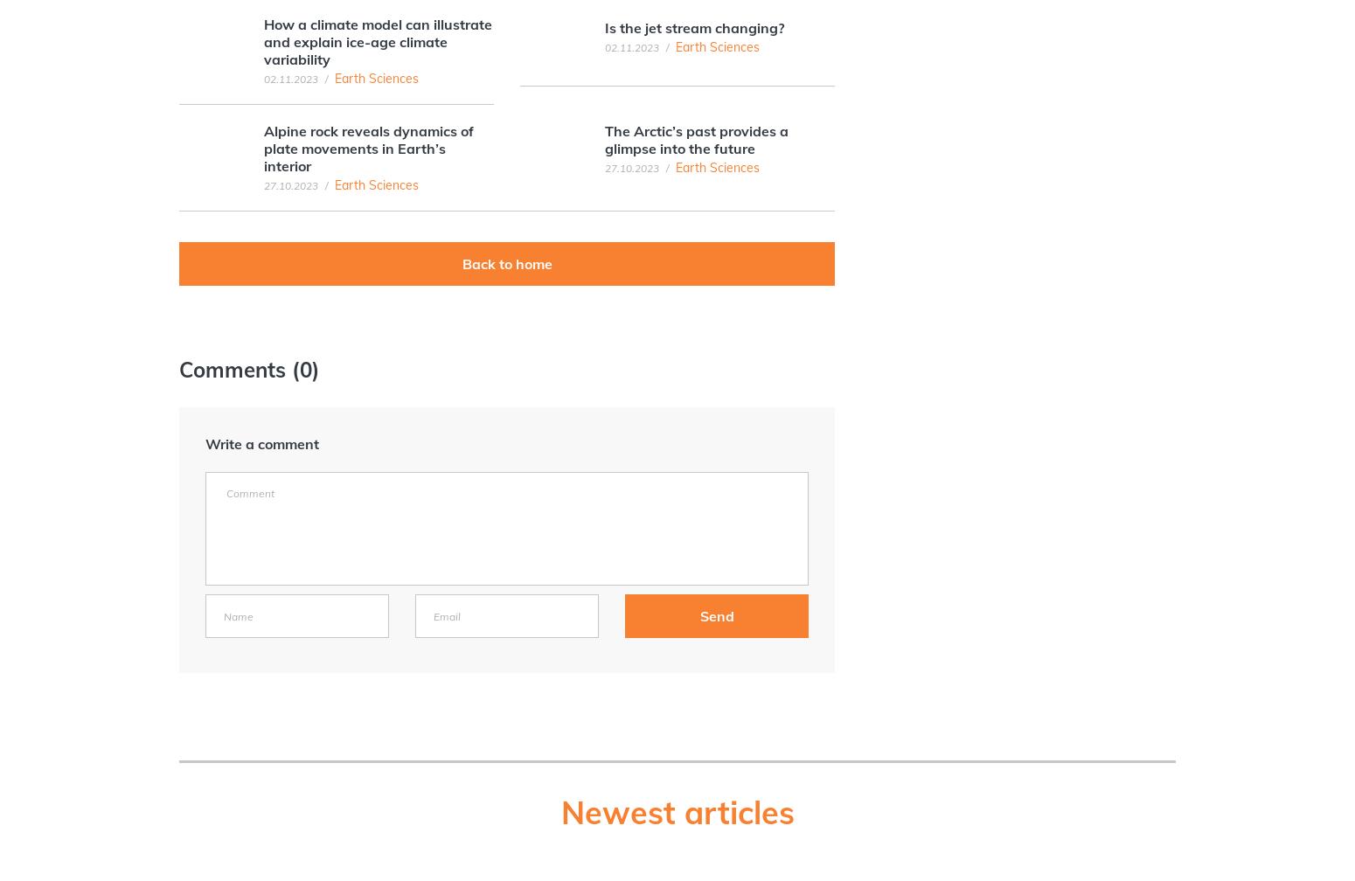 The height and width of the screenshot is (881, 1355). Describe the element at coordinates (178, 369) in the screenshot. I see `'Comments (0)'` at that location.